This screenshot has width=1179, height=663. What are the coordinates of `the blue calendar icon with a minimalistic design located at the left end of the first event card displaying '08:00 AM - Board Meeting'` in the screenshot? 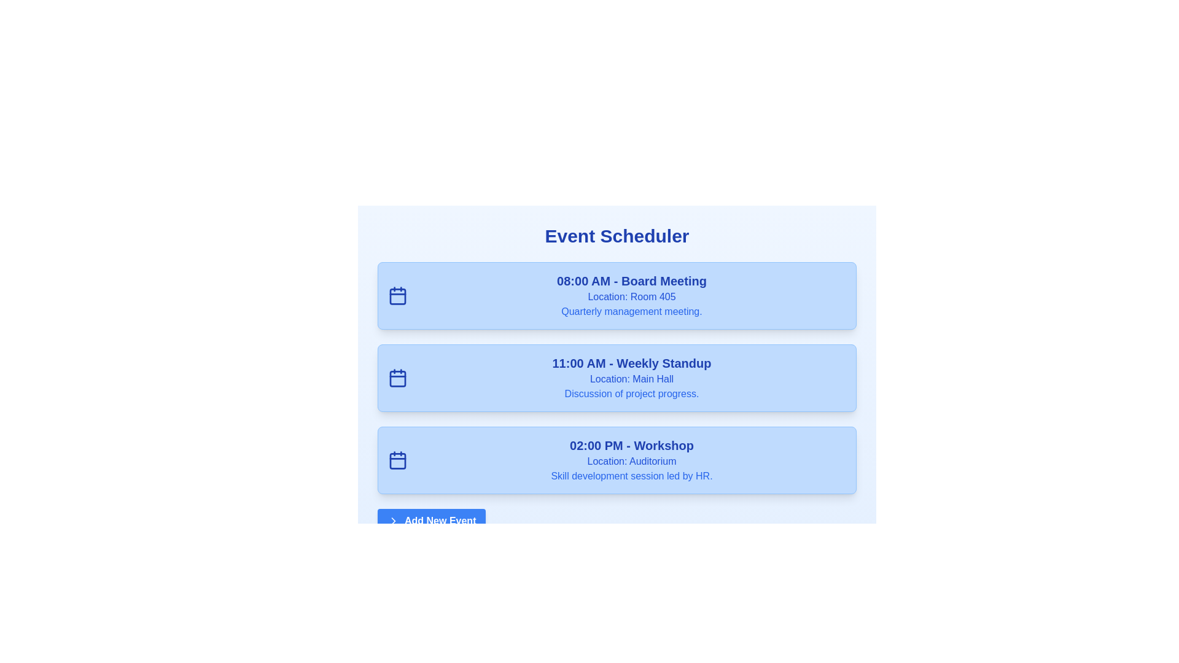 It's located at (398, 296).